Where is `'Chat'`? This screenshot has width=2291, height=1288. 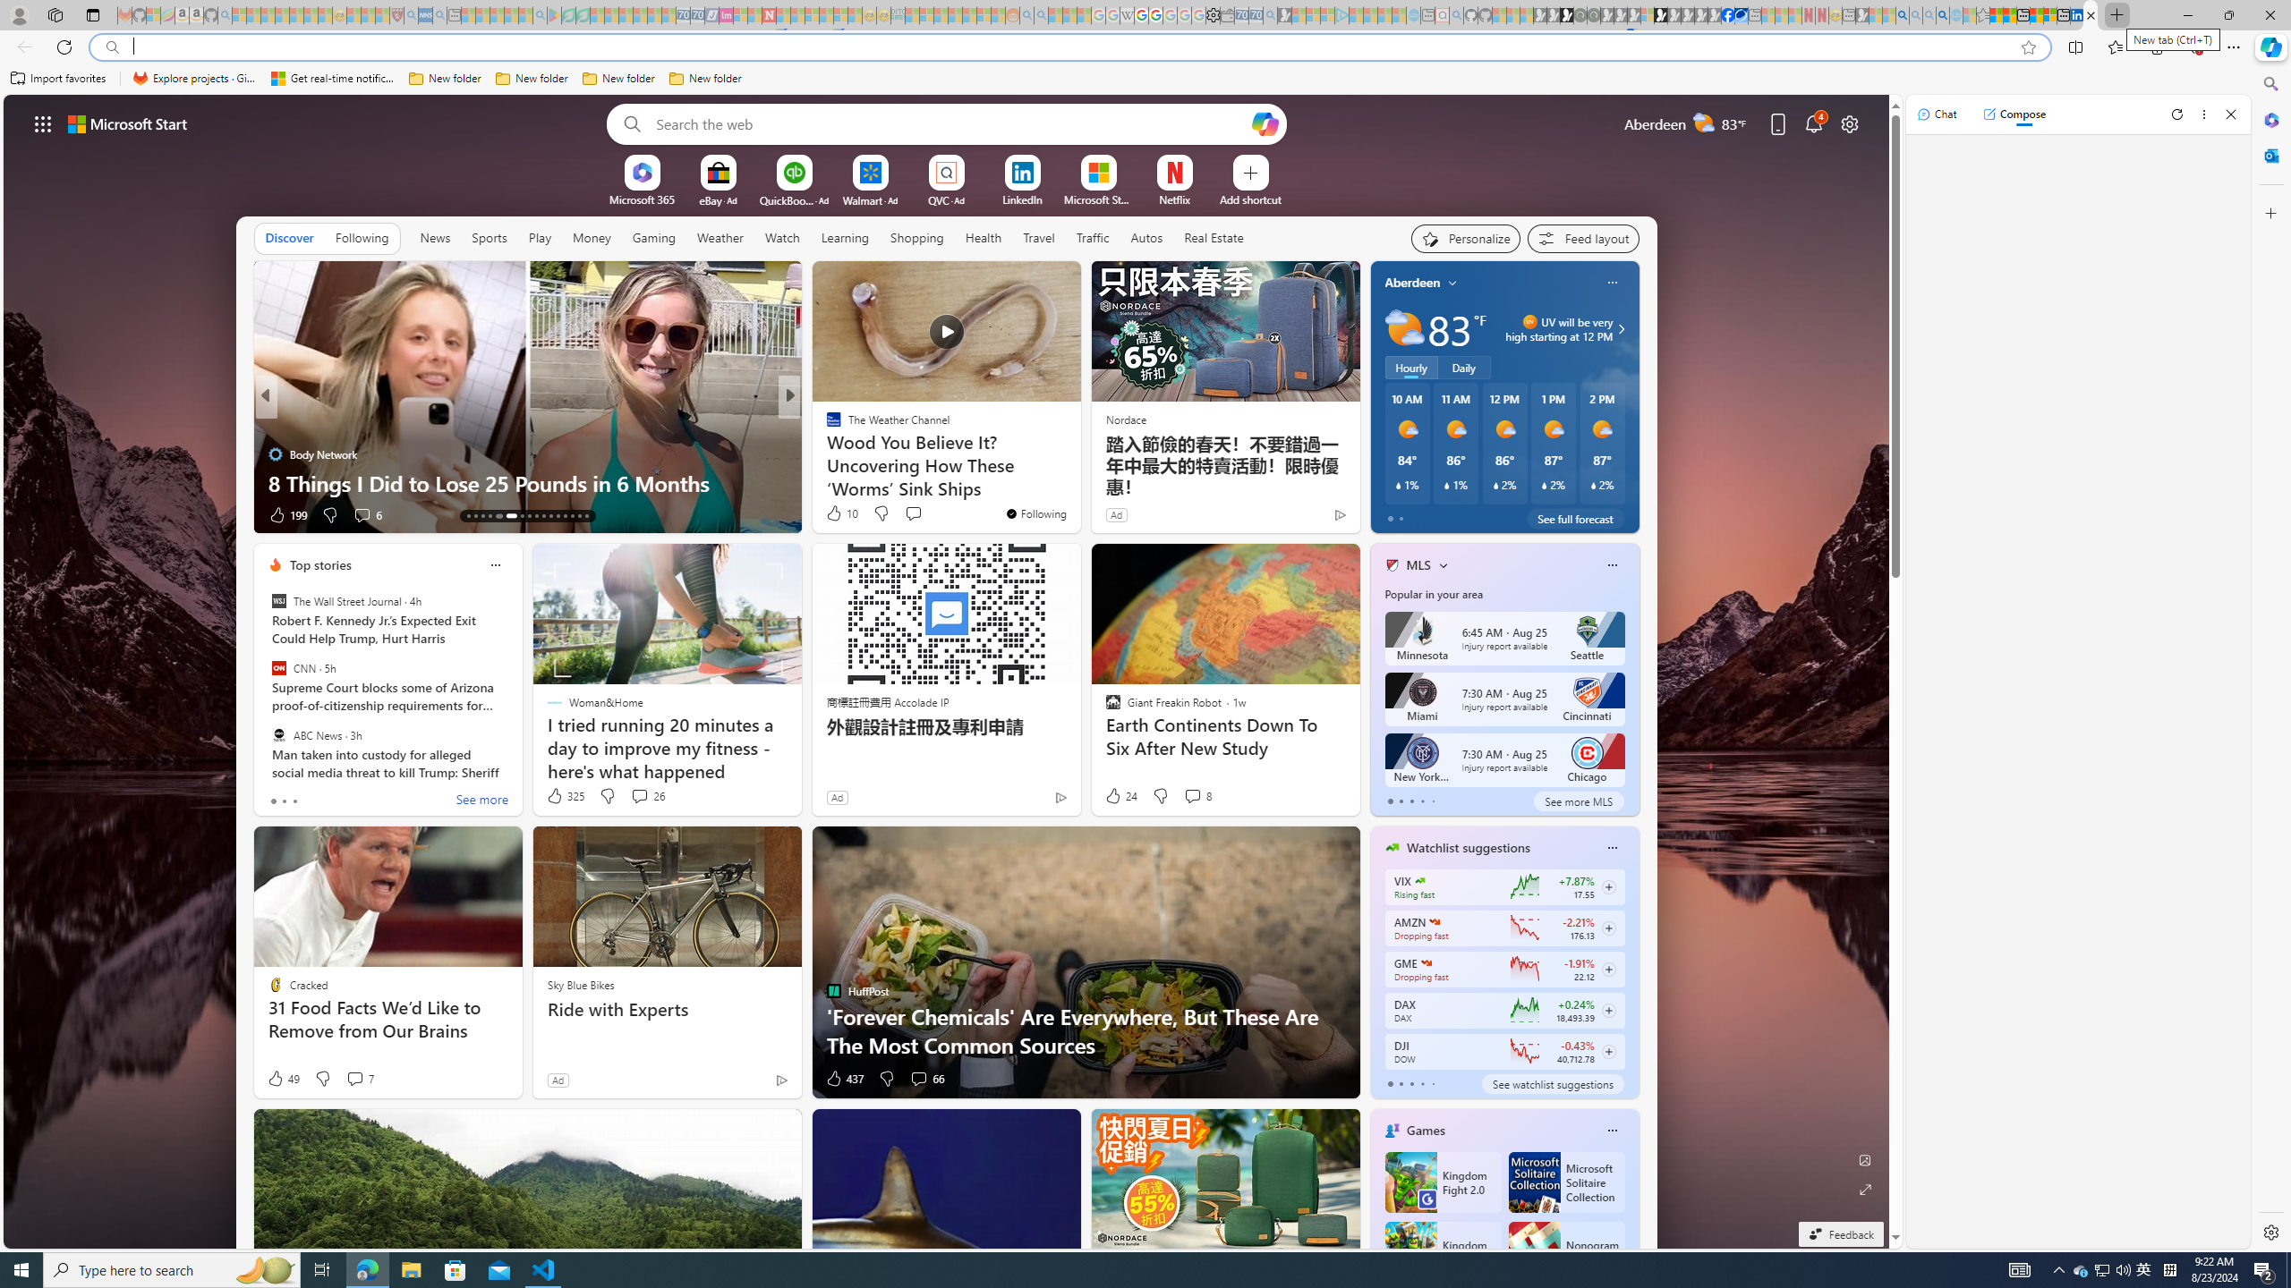
'Chat' is located at coordinates (1937, 114).